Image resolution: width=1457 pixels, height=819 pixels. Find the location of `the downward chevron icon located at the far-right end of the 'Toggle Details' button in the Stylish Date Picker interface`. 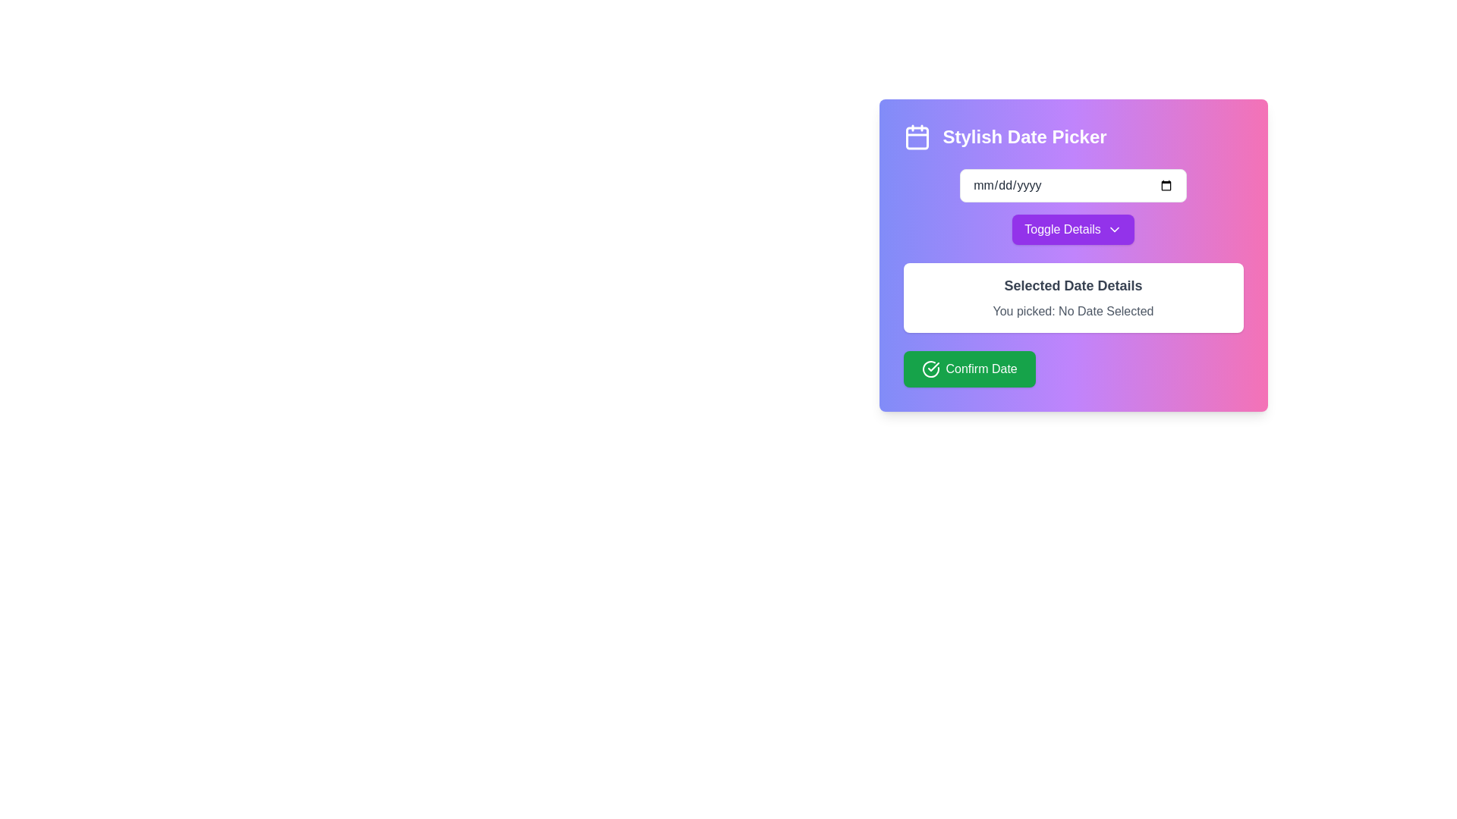

the downward chevron icon located at the far-right end of the 'Toggle Details' button in the Stylish Date Picker interface is located at coordinates (1114, 230).